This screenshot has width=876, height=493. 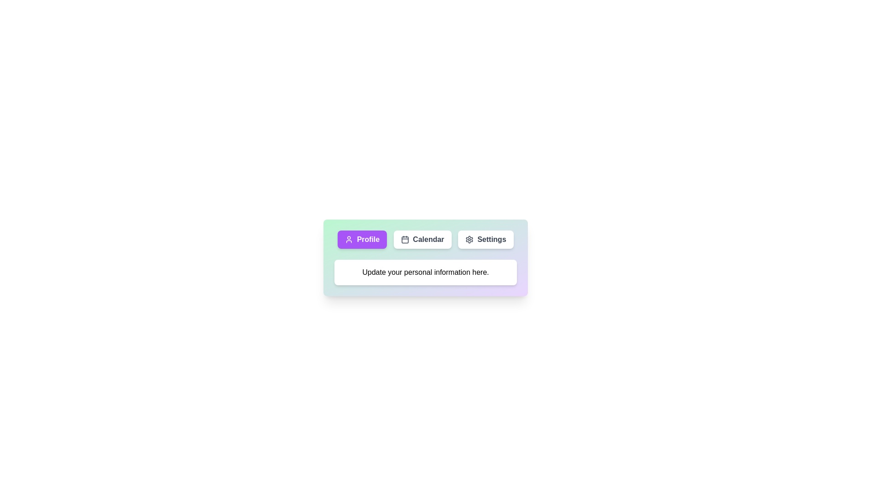 I want to click on the settings icon located to the far right of the horizontal menu that includes 'Profile' and 'Calendar' buttons, so click(x=469, y=239).